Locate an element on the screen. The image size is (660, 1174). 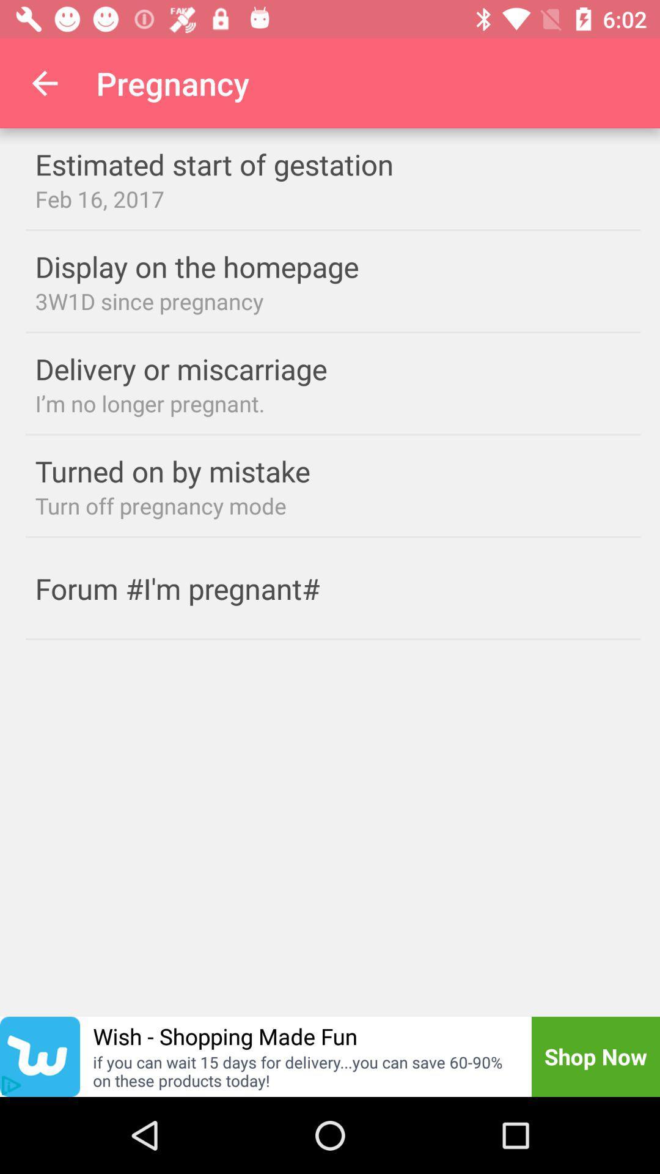
the icon to the left of shop now item is located at coordinates (225, 1035).